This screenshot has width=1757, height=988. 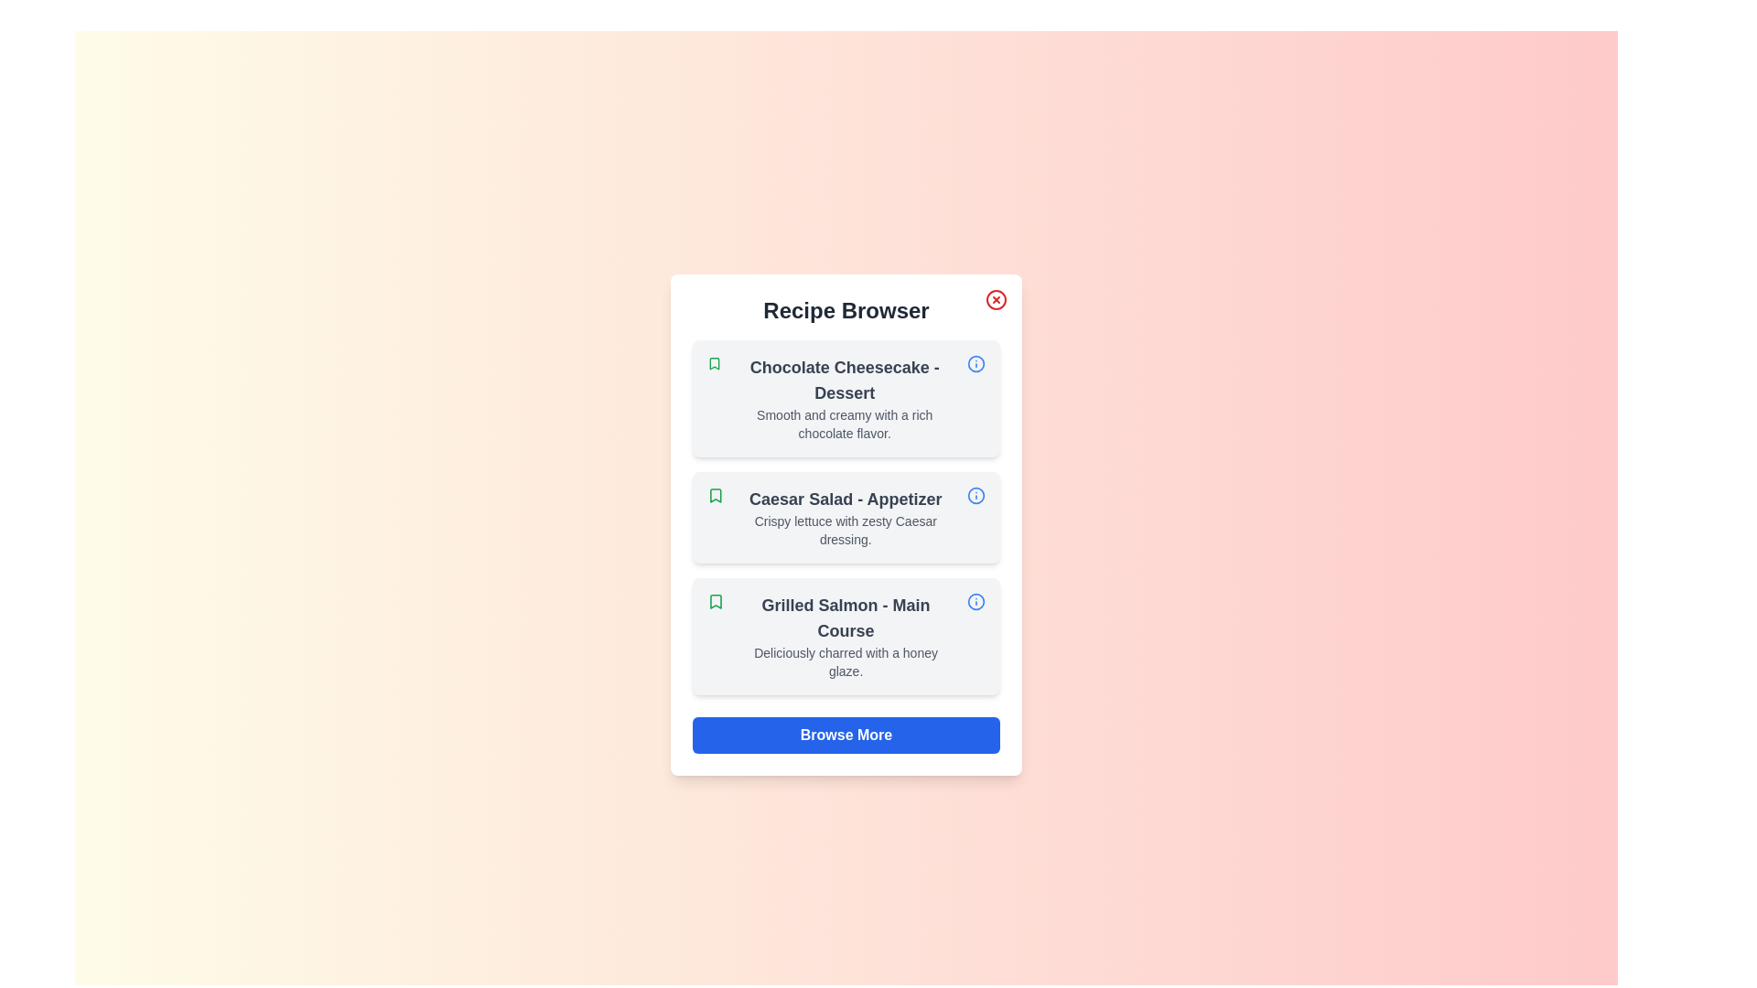 I want to click on the bookmark icon for the recipe titled 'Chocolate Cheesecake', so click(x=714, y=363).